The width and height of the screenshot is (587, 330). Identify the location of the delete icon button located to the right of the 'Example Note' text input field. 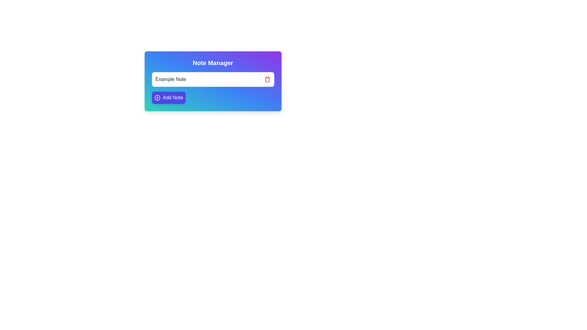
(267, 79).